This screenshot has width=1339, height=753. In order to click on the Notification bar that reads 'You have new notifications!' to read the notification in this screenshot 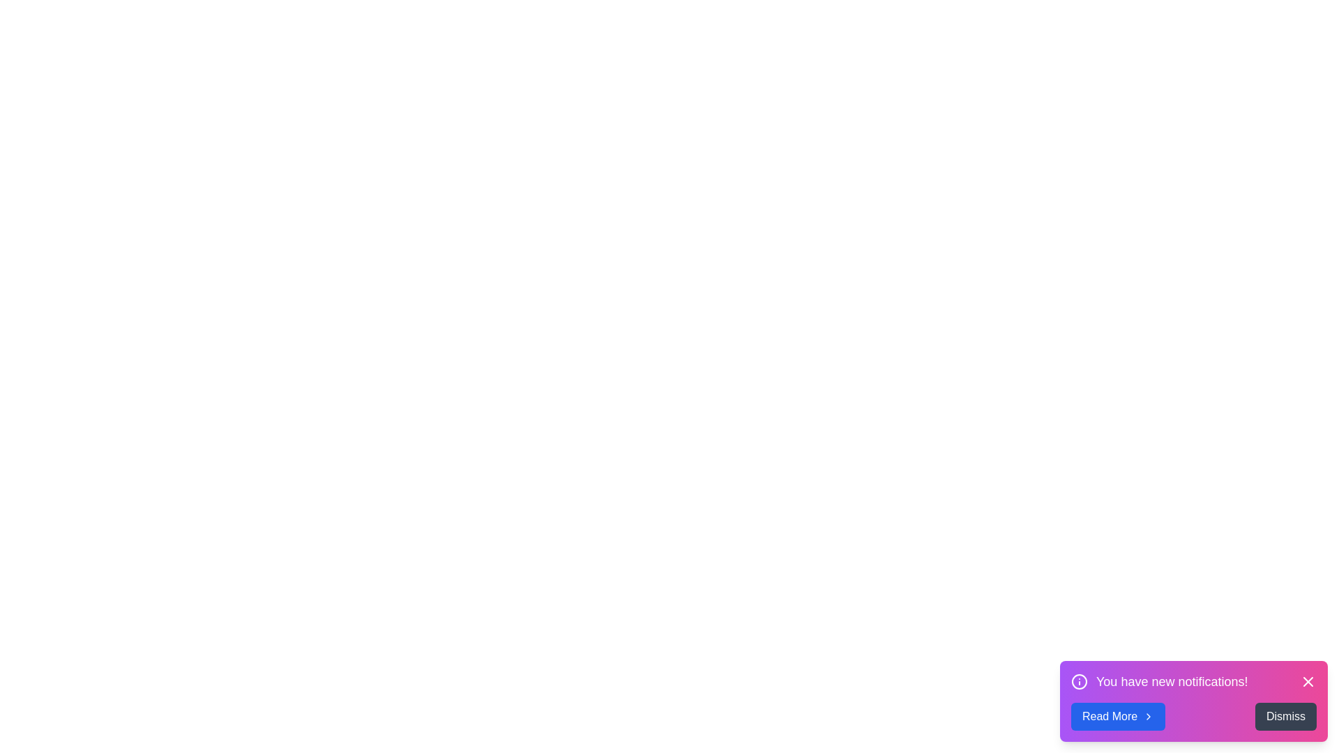, I will do `click(1193, 681)`.